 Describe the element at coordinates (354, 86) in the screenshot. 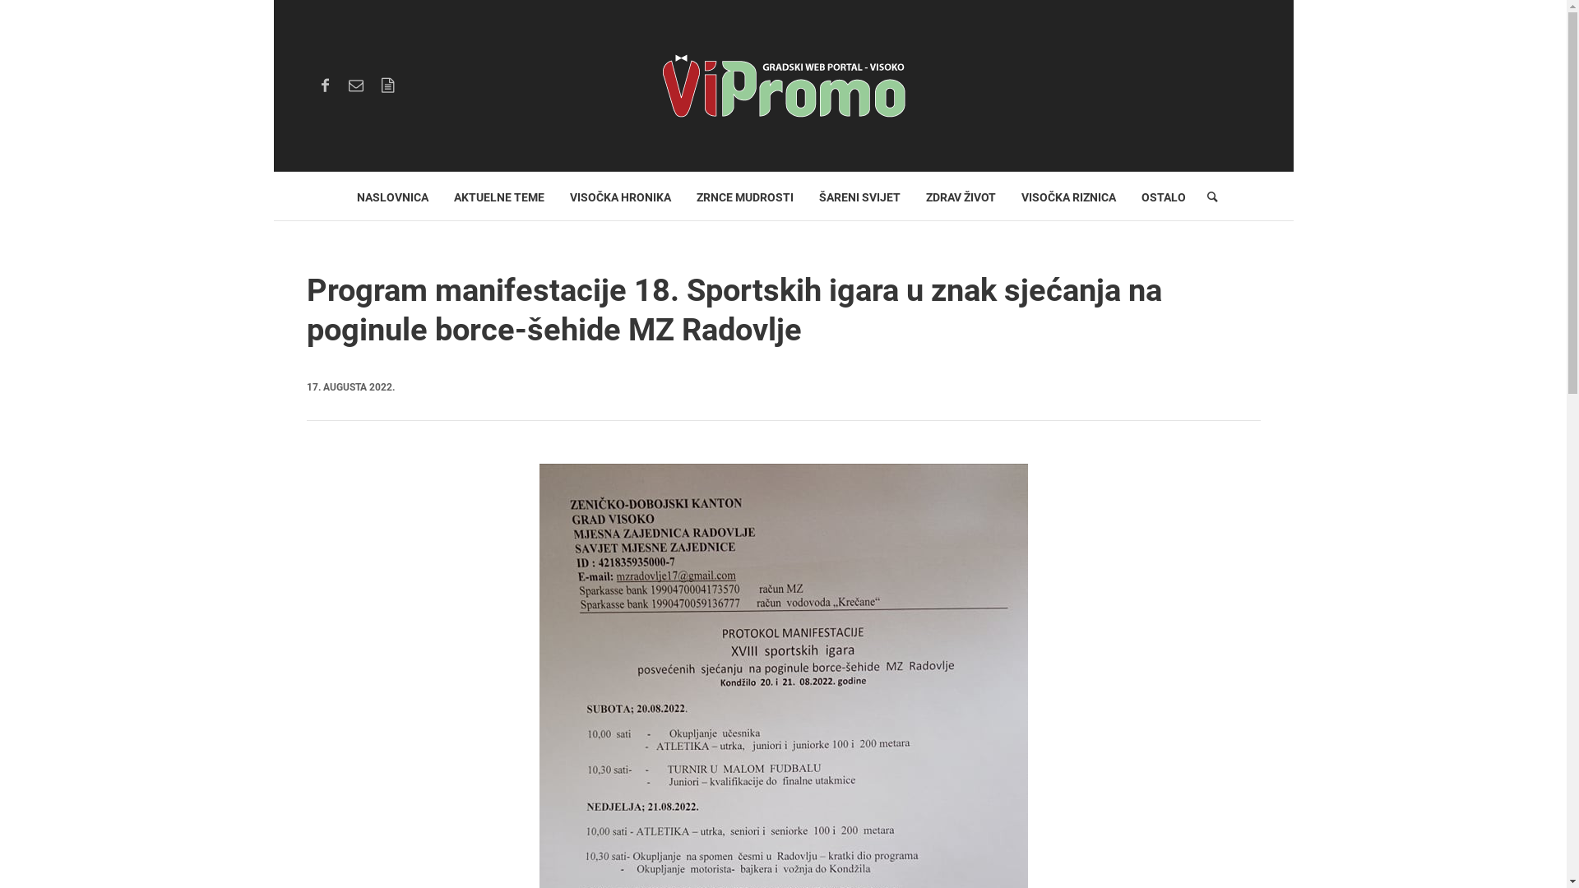

I see `'Kontakt'` at that location.